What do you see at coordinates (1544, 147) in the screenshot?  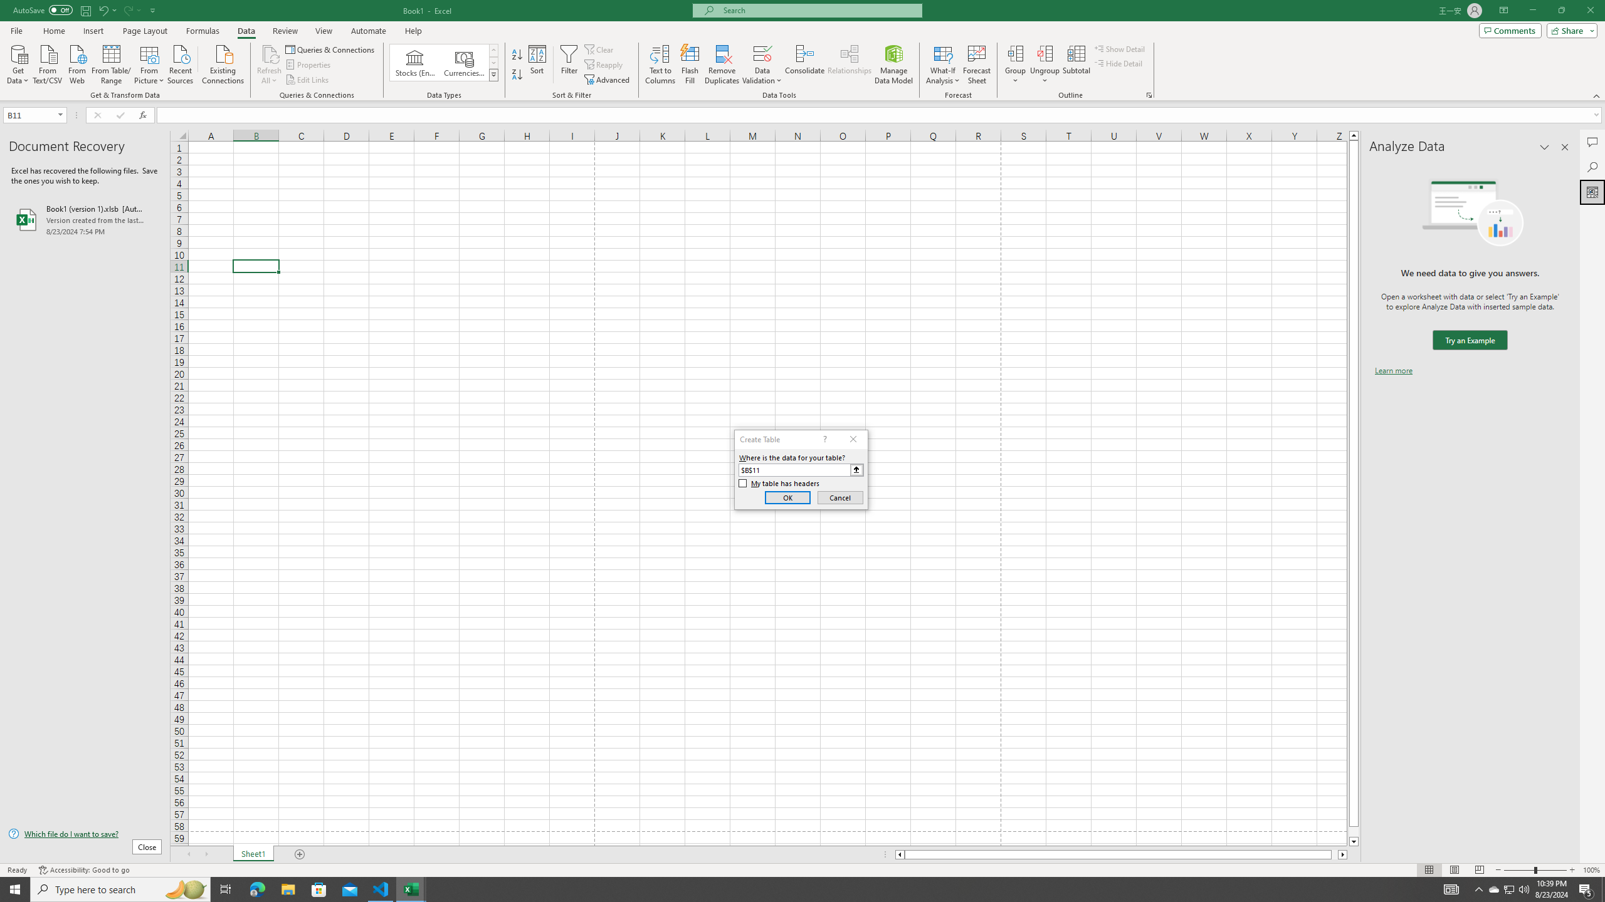 I see `'Task Pane Options'` at bounding box center [1544, 147].